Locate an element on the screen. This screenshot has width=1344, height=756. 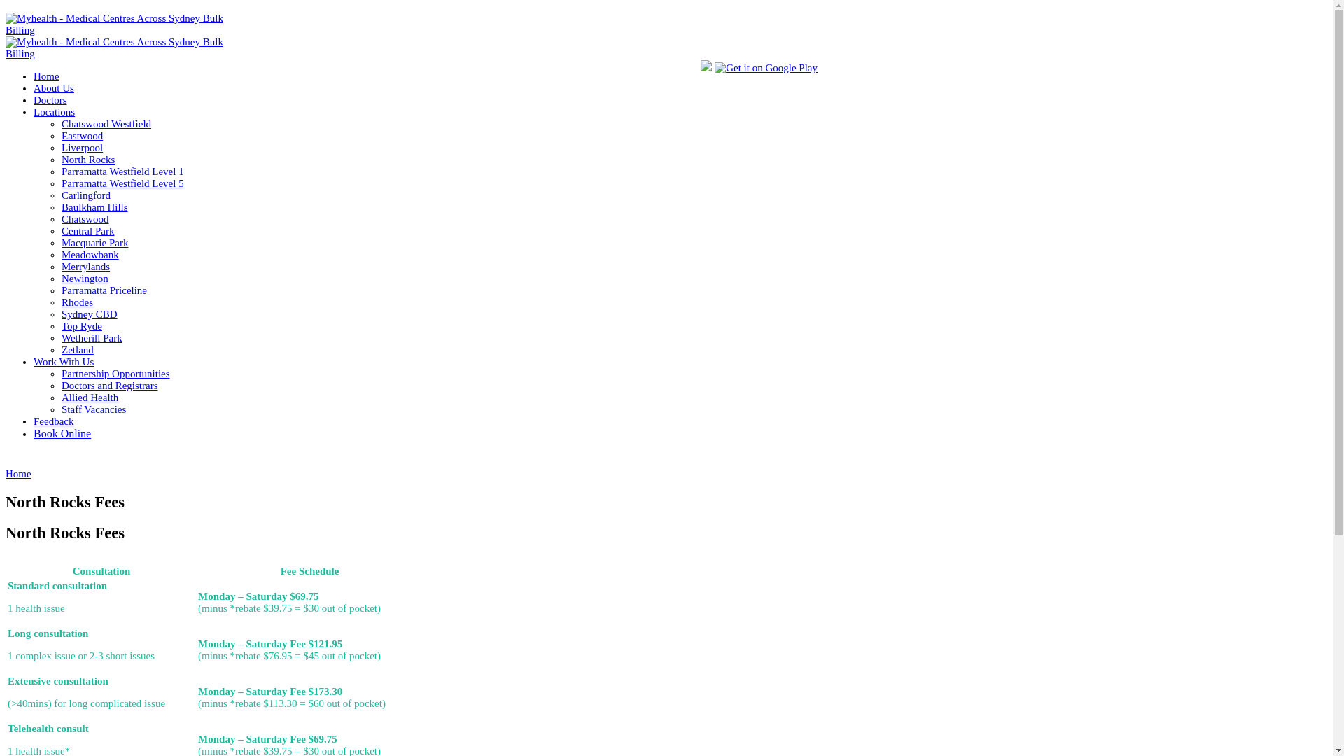
'Staff Vacancies' is located at coordinates (93, 409).